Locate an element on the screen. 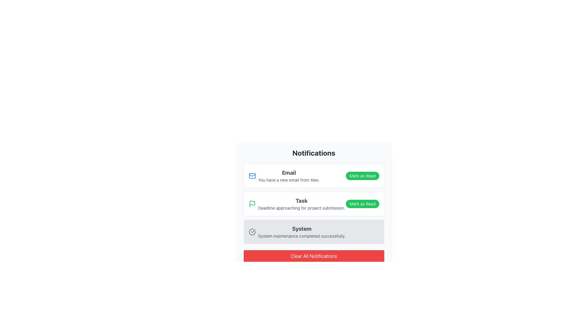 The image size is (572, 322). the text label displaying 'You have a new email from Alex.', which is styled in gray and located beneath the 'Email' heading in the notification card is located at coordinates (289, 180).